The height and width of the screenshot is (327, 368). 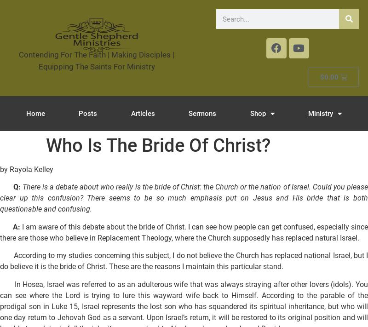 What do you see at coordinates (16, 226) in the screenshot?
I see `'A:'` at bounding box center [16, 226].